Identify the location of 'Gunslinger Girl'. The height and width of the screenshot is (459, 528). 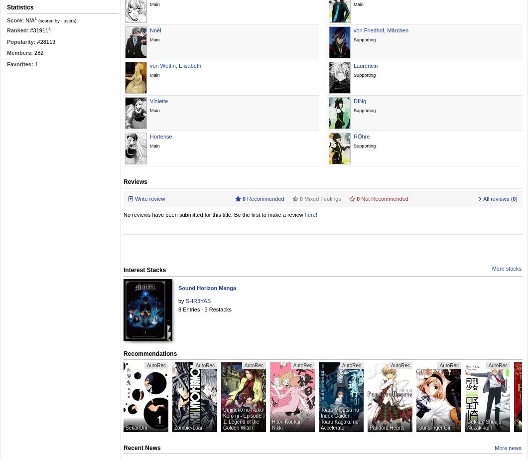
(435, 427).